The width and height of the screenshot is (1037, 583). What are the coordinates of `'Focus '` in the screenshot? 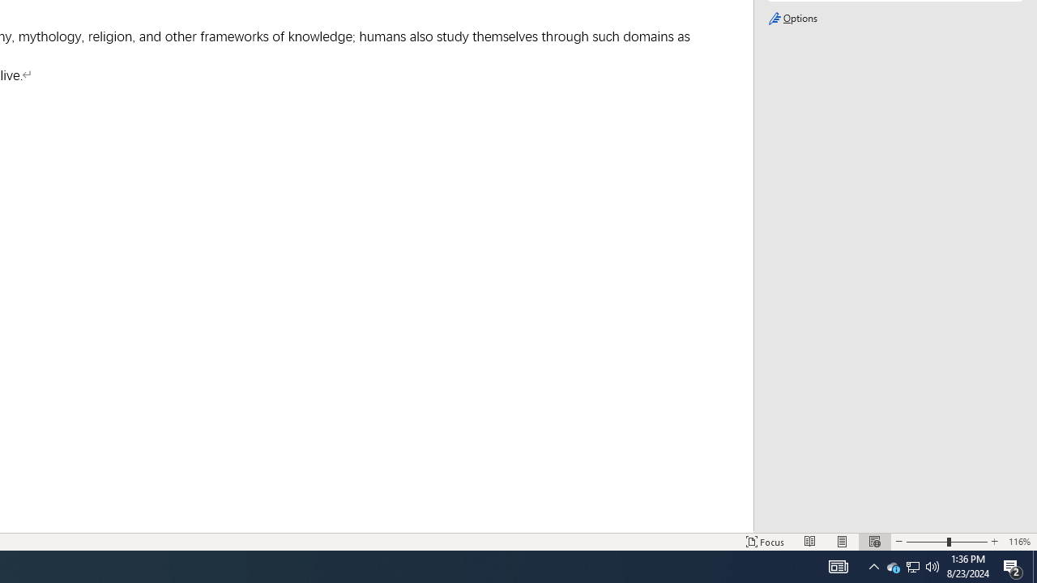 It's located at (764, 542).